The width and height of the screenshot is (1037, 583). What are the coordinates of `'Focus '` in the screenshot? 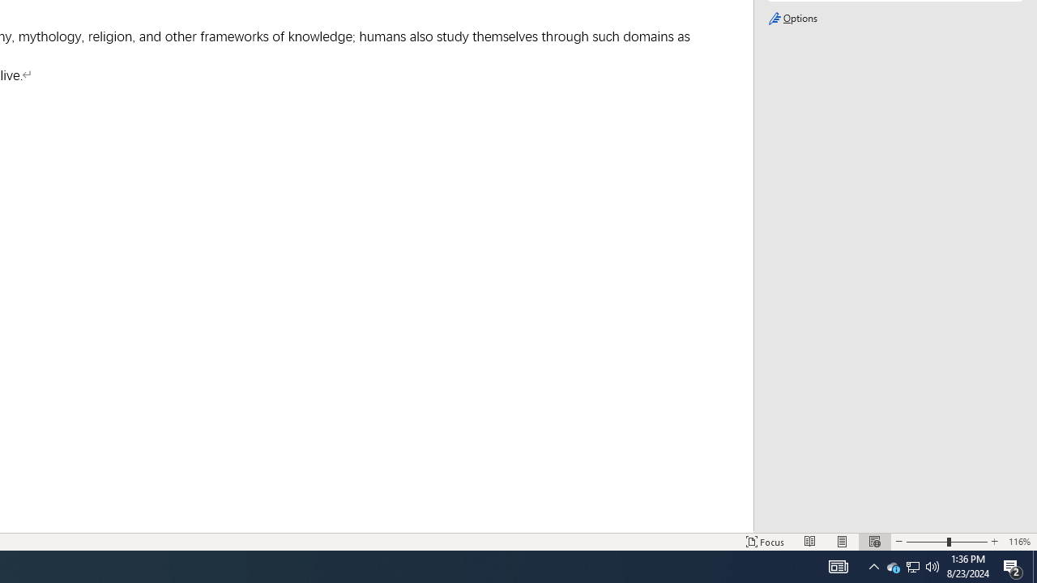 It's located at (764, 542).